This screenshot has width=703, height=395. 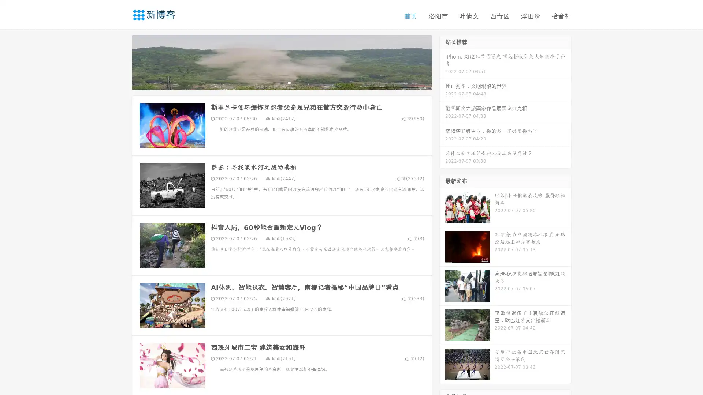 I want to click on Go to slide 3, so click(x=289, y=82).